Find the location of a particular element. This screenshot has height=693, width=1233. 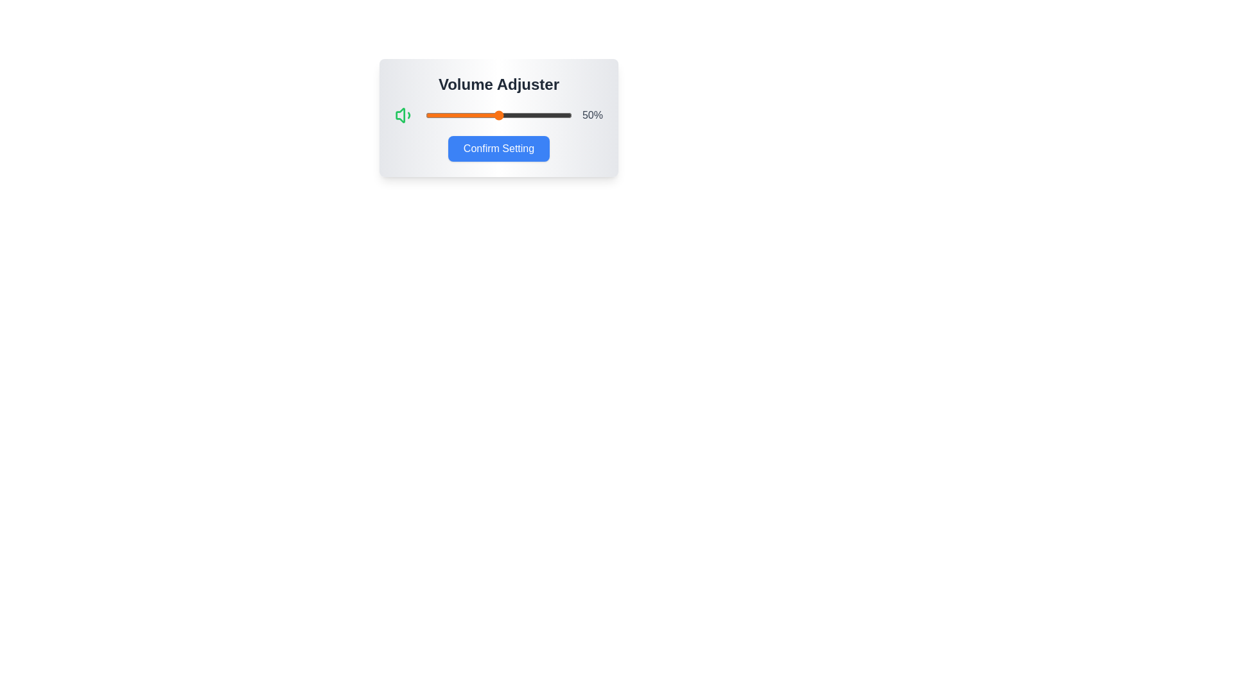

the volume slider to 12% is located at coordinates (443, 116).